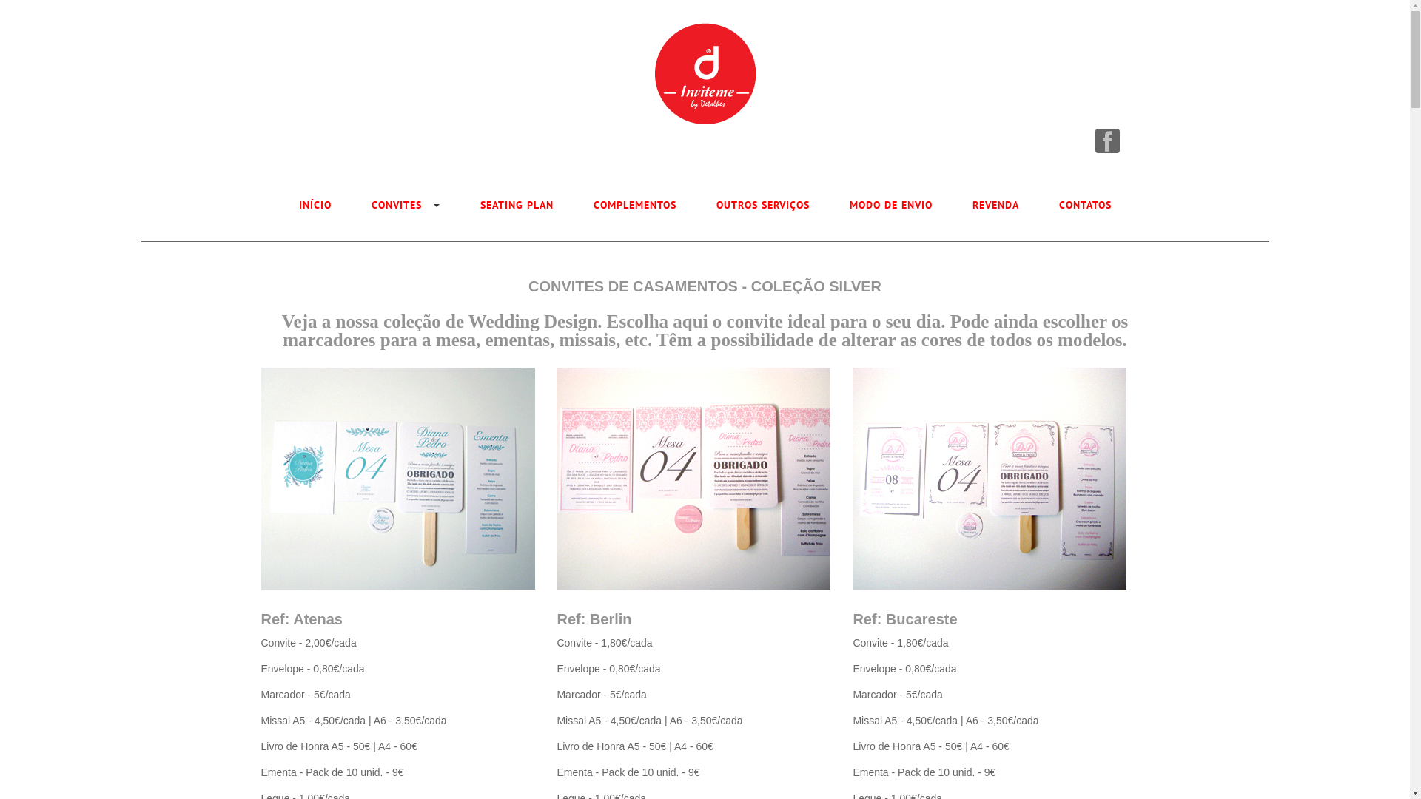 The height and width of the screenshot is (799, 1421). Describe the element at coordinates (1085, 205) in the screenshot. I see `'CONTATOS'` at that location.